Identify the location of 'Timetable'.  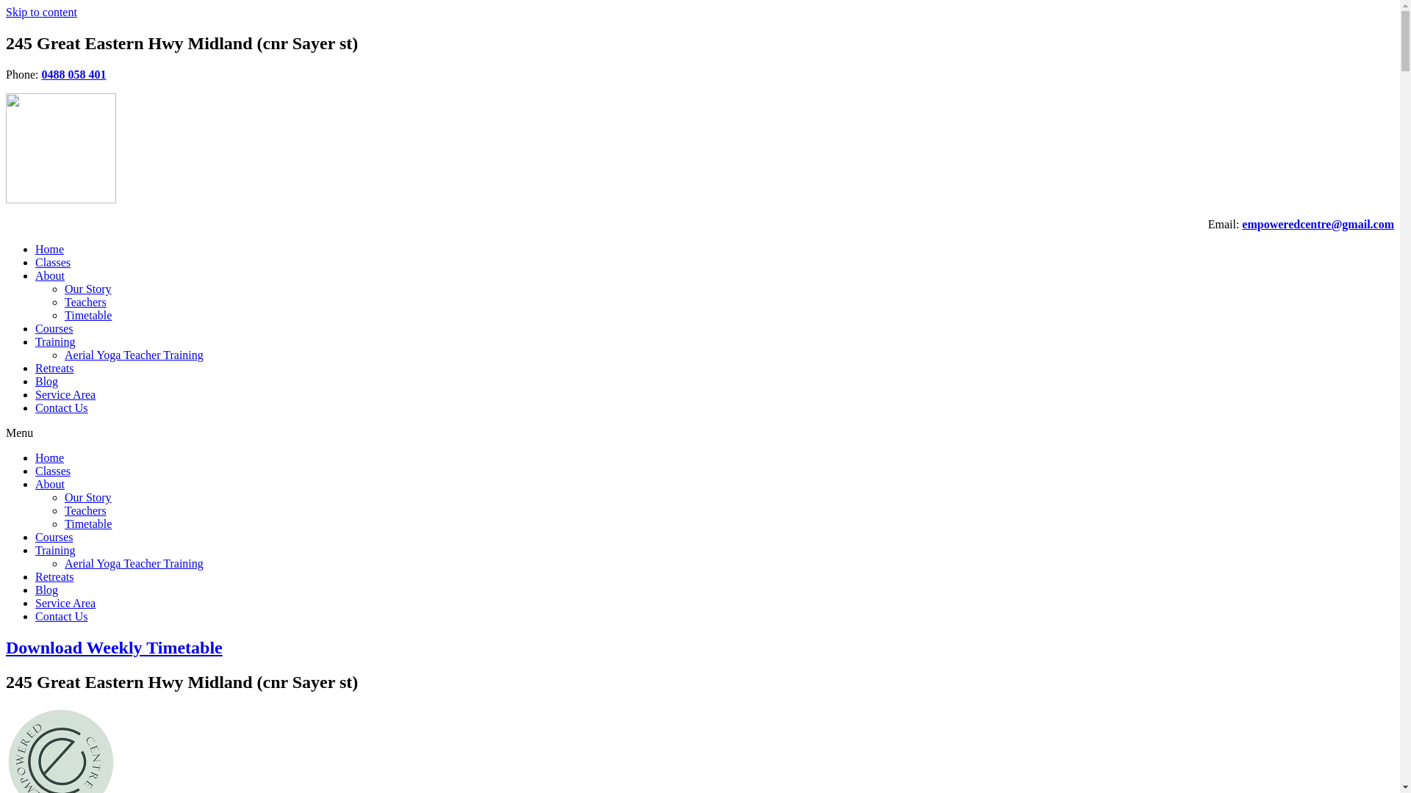
(87, 523).